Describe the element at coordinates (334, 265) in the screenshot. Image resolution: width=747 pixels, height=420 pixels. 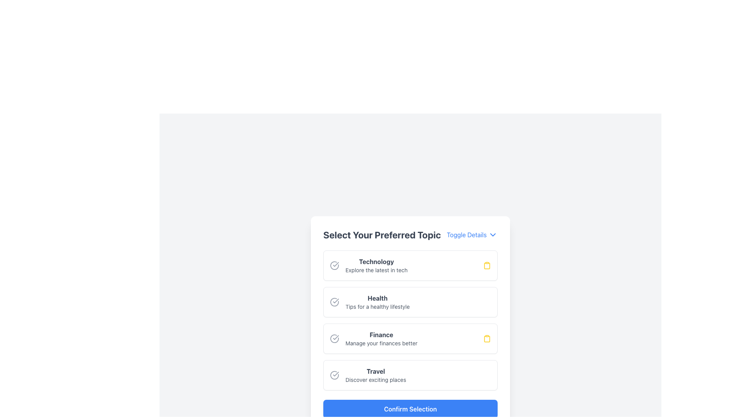
I see `the Selection Indicator (Checkmark Icon) located to the left of the text 'Technology' to change its selection status` at that location.